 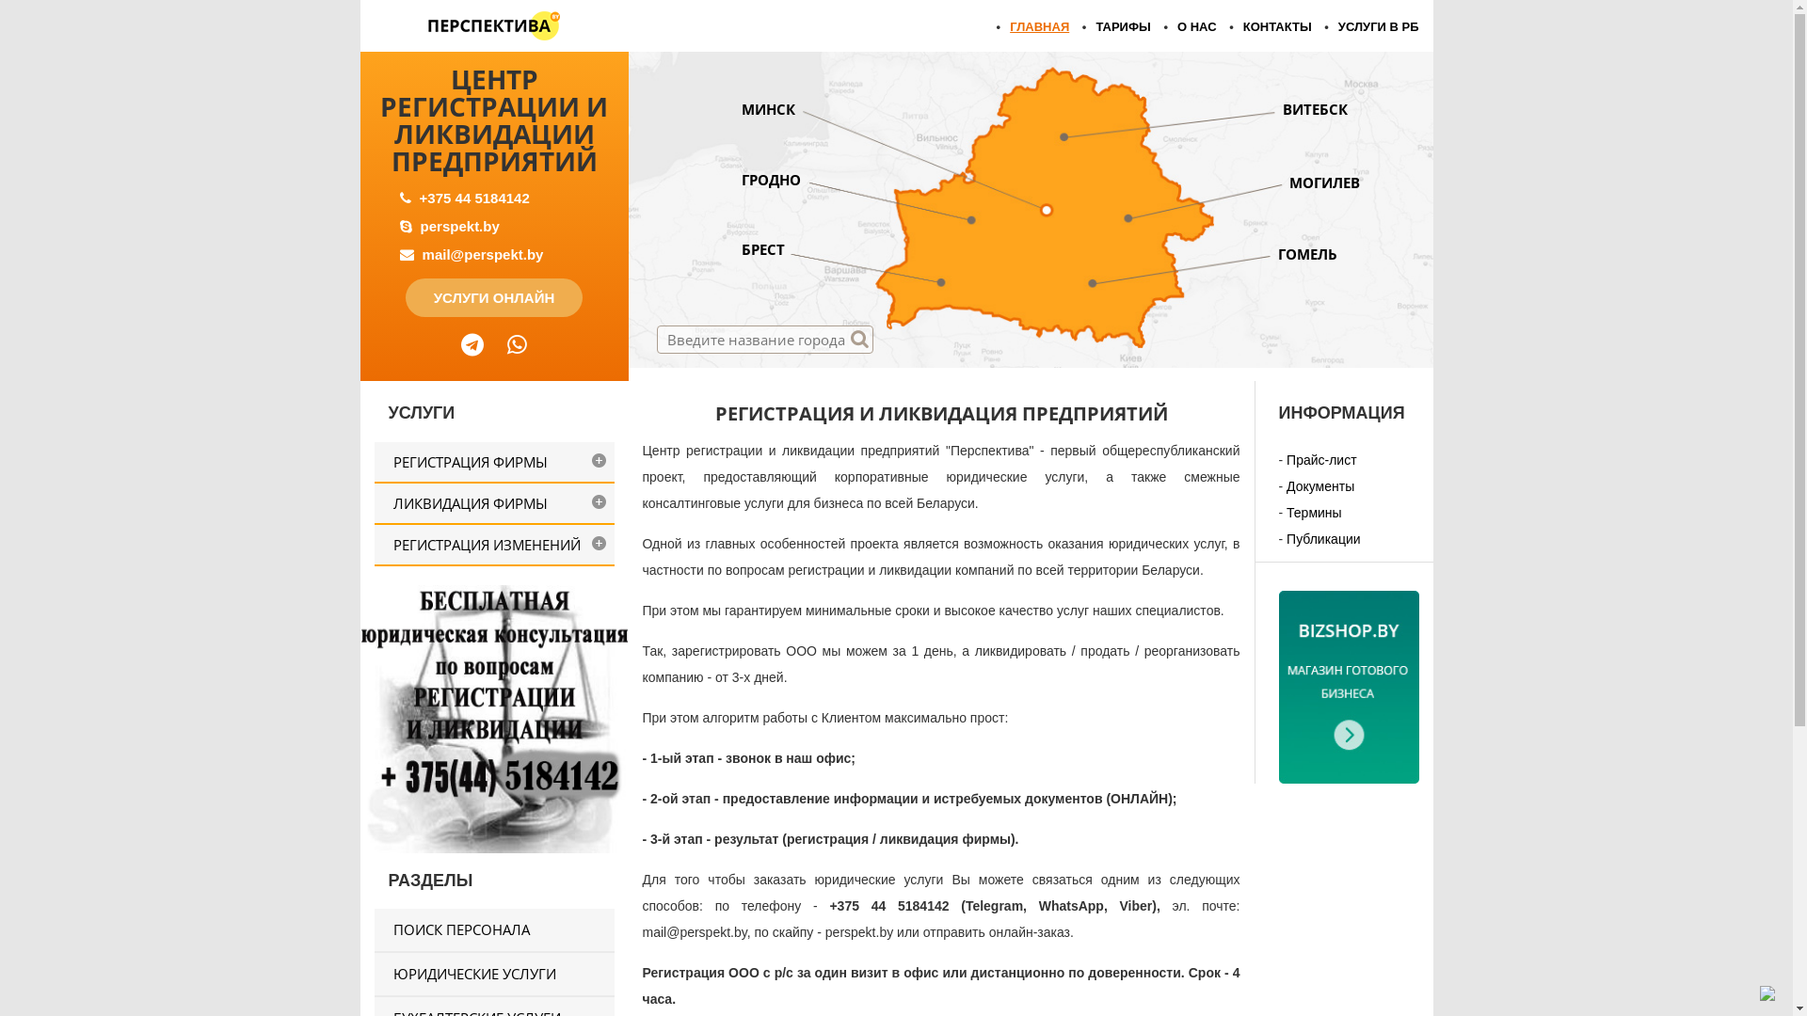 I want to click on 'Go Top', so click(x=1759, y=992).